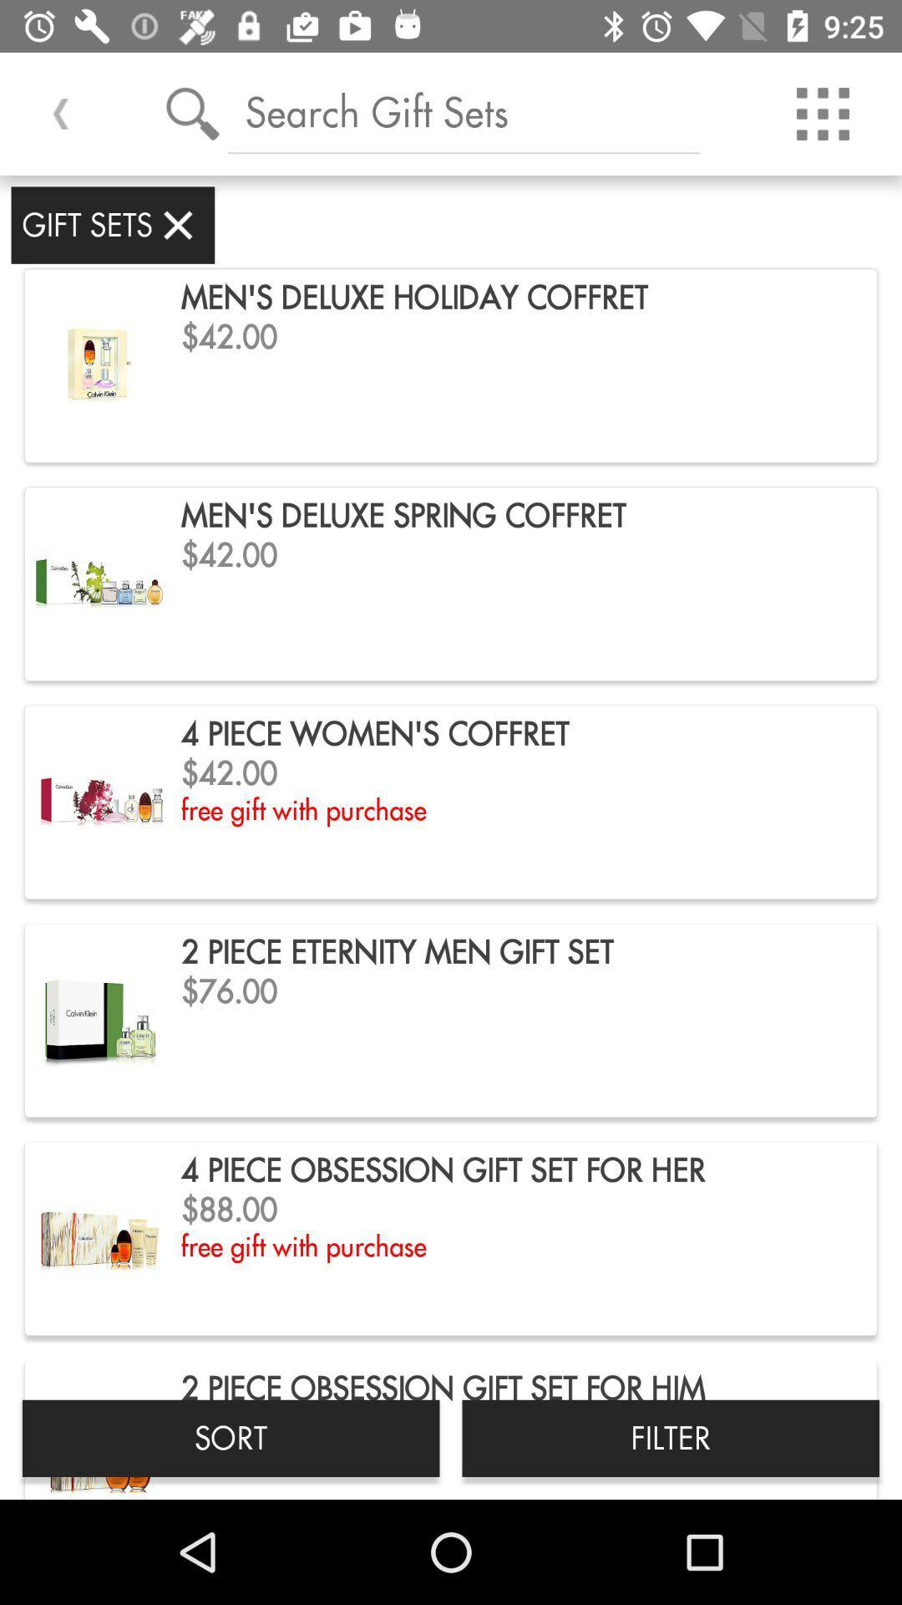 The width and height of the screenshot is (902, 1605). I want to click on icon above the men s deluxe, so click(464, 111).